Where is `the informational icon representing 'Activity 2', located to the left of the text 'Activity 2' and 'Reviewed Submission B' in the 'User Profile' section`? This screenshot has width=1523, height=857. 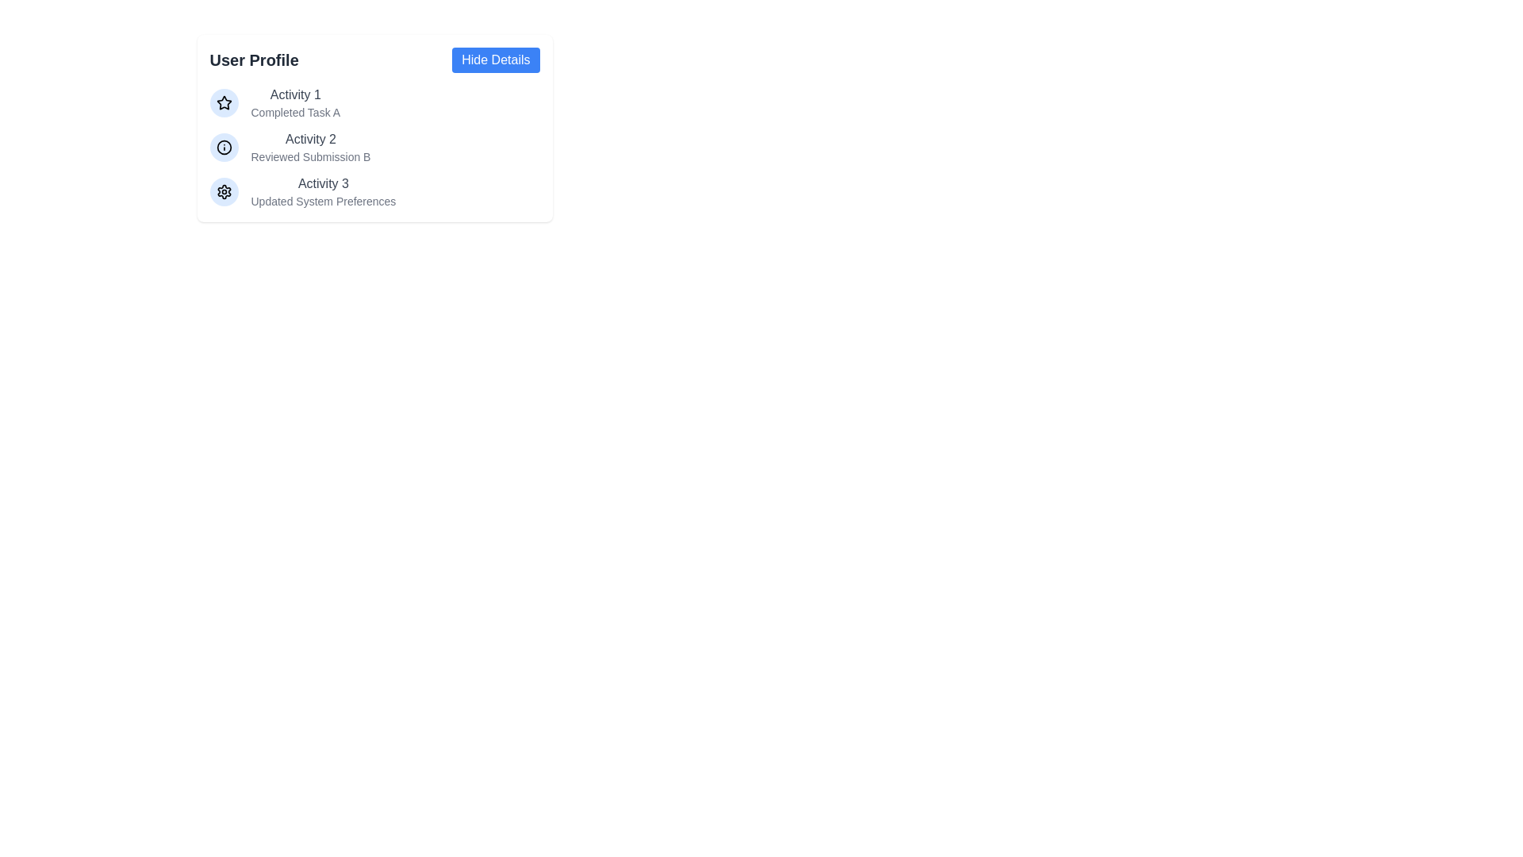
the informational icon representing 'Activity 2', located to the left of the text 'Activity 2' and 'Reviewed Submission B' in the 'User Profile' section is located at coordinates (223, 147).